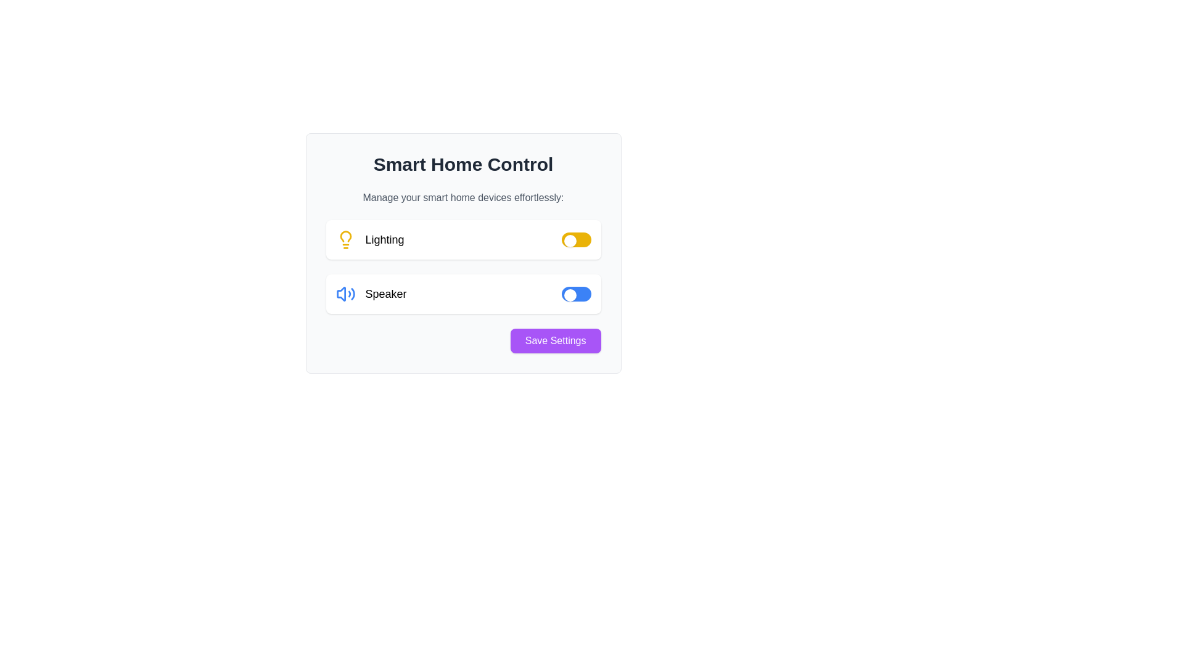 This screenshot has height=666, width=1184. I want to click on the speaker control icon located at the leftmost position in the second row of the Smart Home Control interface, so click(341, 294).